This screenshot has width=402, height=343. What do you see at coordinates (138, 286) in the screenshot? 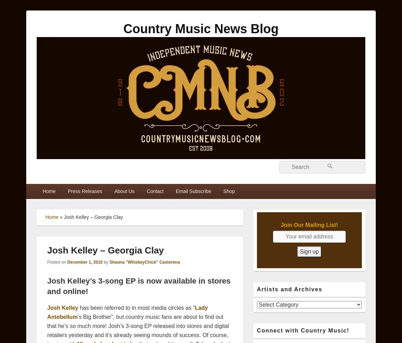
I see `'Josh Kelley’s 3-song EP is now available in stores and online!'` at bounding box center [138, 286].